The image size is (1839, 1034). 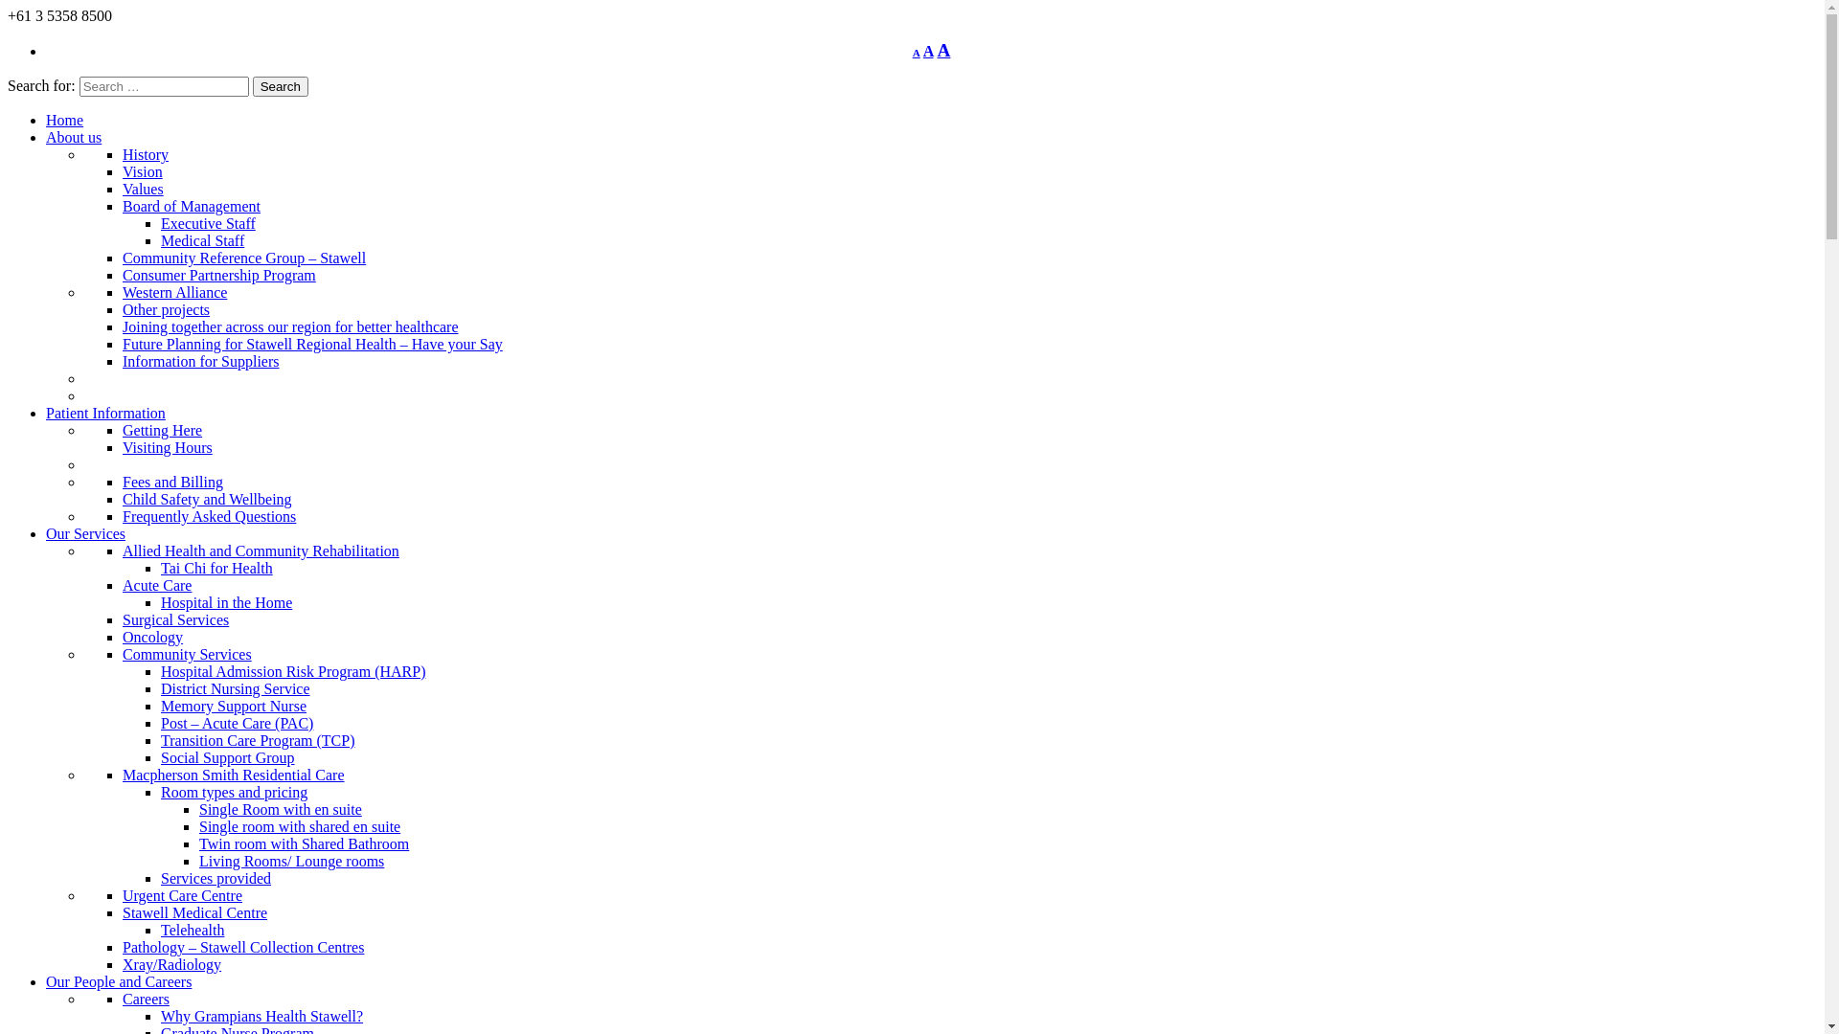 I want to click on 'Visiting Hours', so click(x=167, y=447).